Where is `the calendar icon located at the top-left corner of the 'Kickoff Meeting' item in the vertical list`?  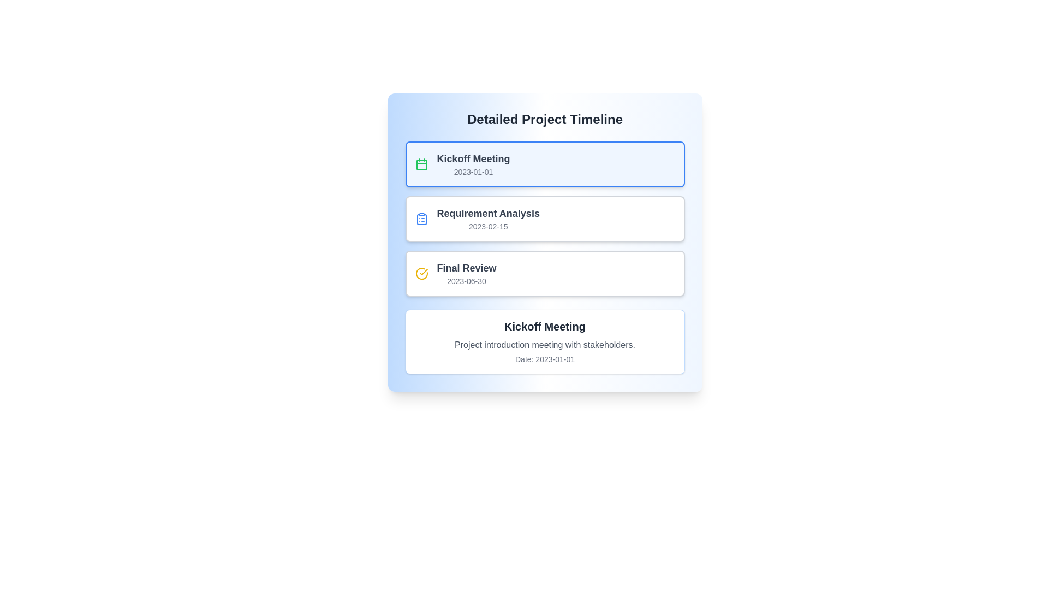
the calendar icon located at the top-left corner of the 'Kickoff Meeting' item in the vertical list is located at coordinates (421, 164).